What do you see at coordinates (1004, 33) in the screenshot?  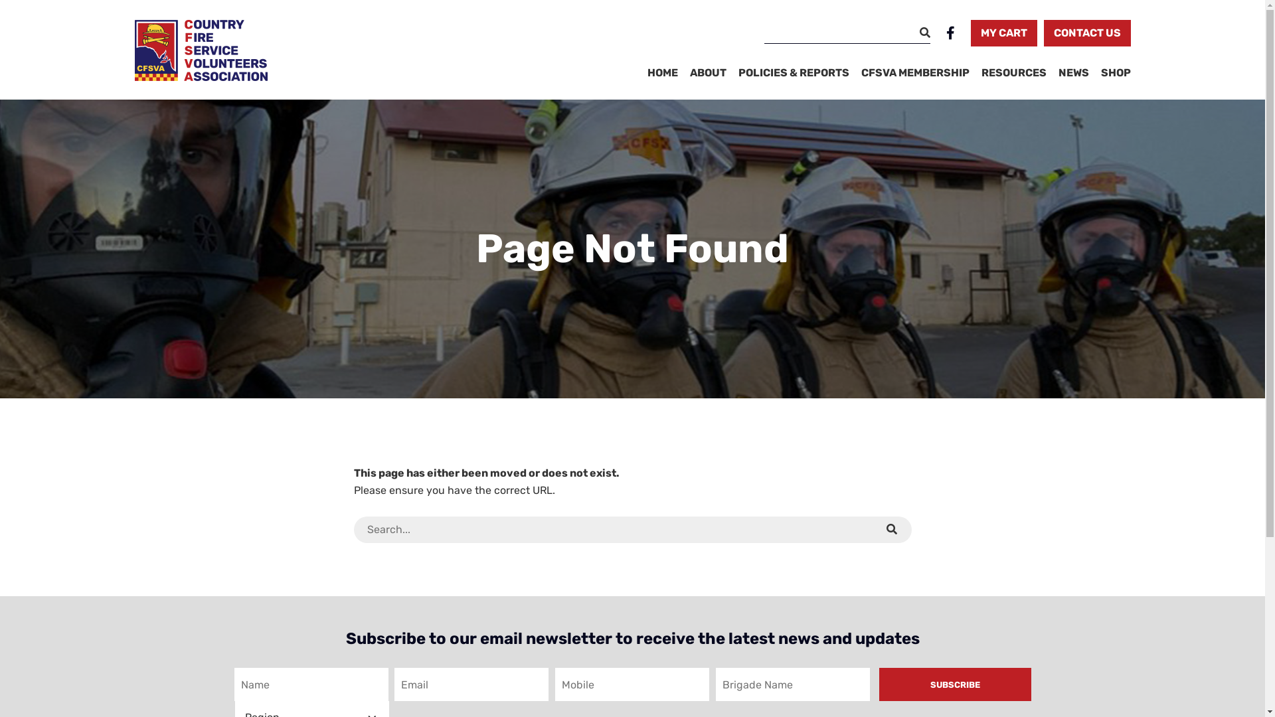 I see `'MY CART'` at bounding box center [1004, 33].